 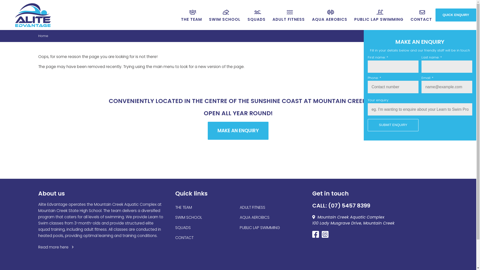 I want to click on 'CALL: (07) 5457 8399', so click(x=312, y=205).